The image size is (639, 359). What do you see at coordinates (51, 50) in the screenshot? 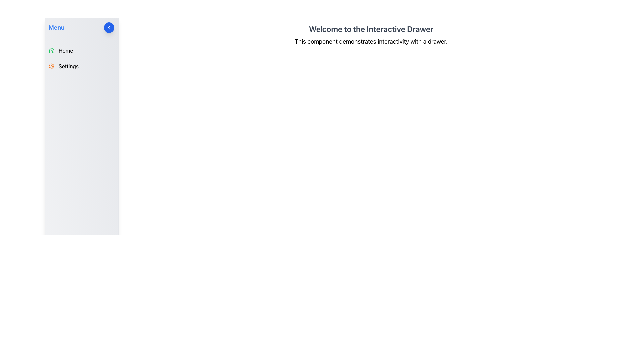
I see `the house icon in the vertical menu` at bounding box center [51, 50].